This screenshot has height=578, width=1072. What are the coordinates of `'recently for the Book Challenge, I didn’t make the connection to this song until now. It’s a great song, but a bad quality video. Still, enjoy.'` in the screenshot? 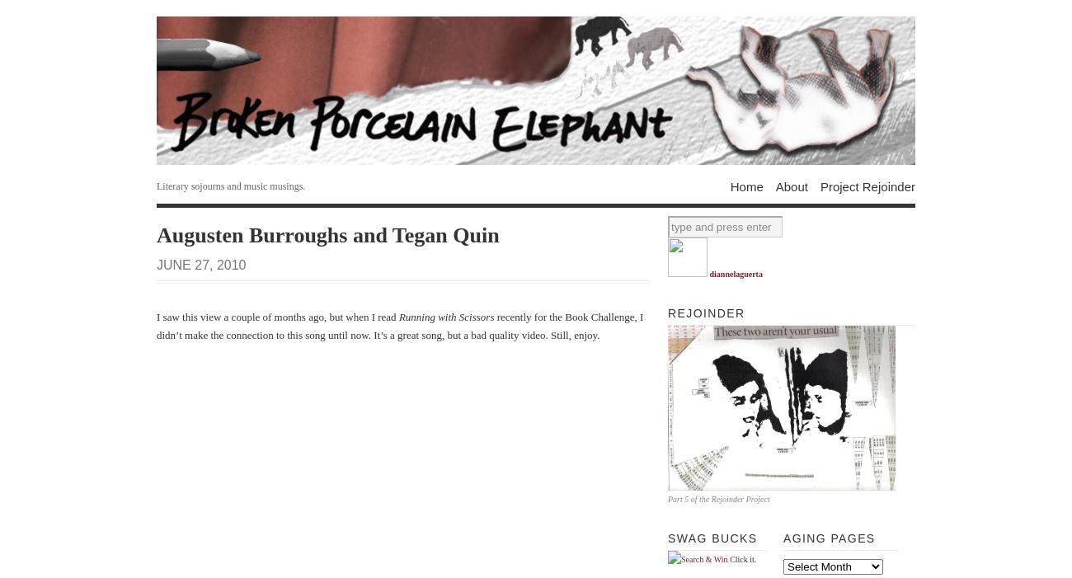 It's located at (399, 325).